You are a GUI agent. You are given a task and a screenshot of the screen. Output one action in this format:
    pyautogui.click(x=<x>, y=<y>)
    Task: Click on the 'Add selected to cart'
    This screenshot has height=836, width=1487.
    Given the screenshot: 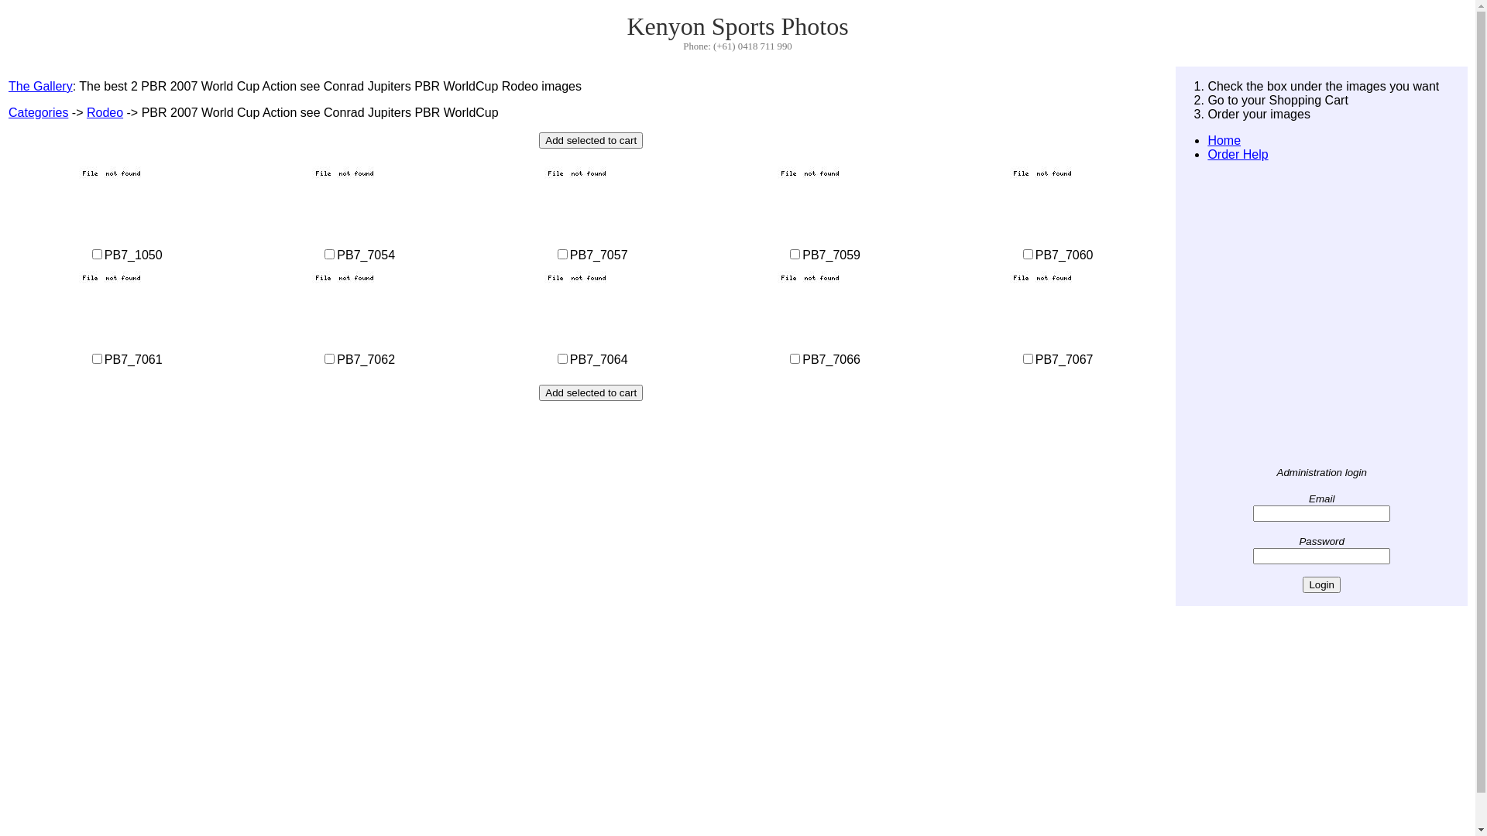 What is the action you would take?
    pyautogui.click(x=590, y=140)
    